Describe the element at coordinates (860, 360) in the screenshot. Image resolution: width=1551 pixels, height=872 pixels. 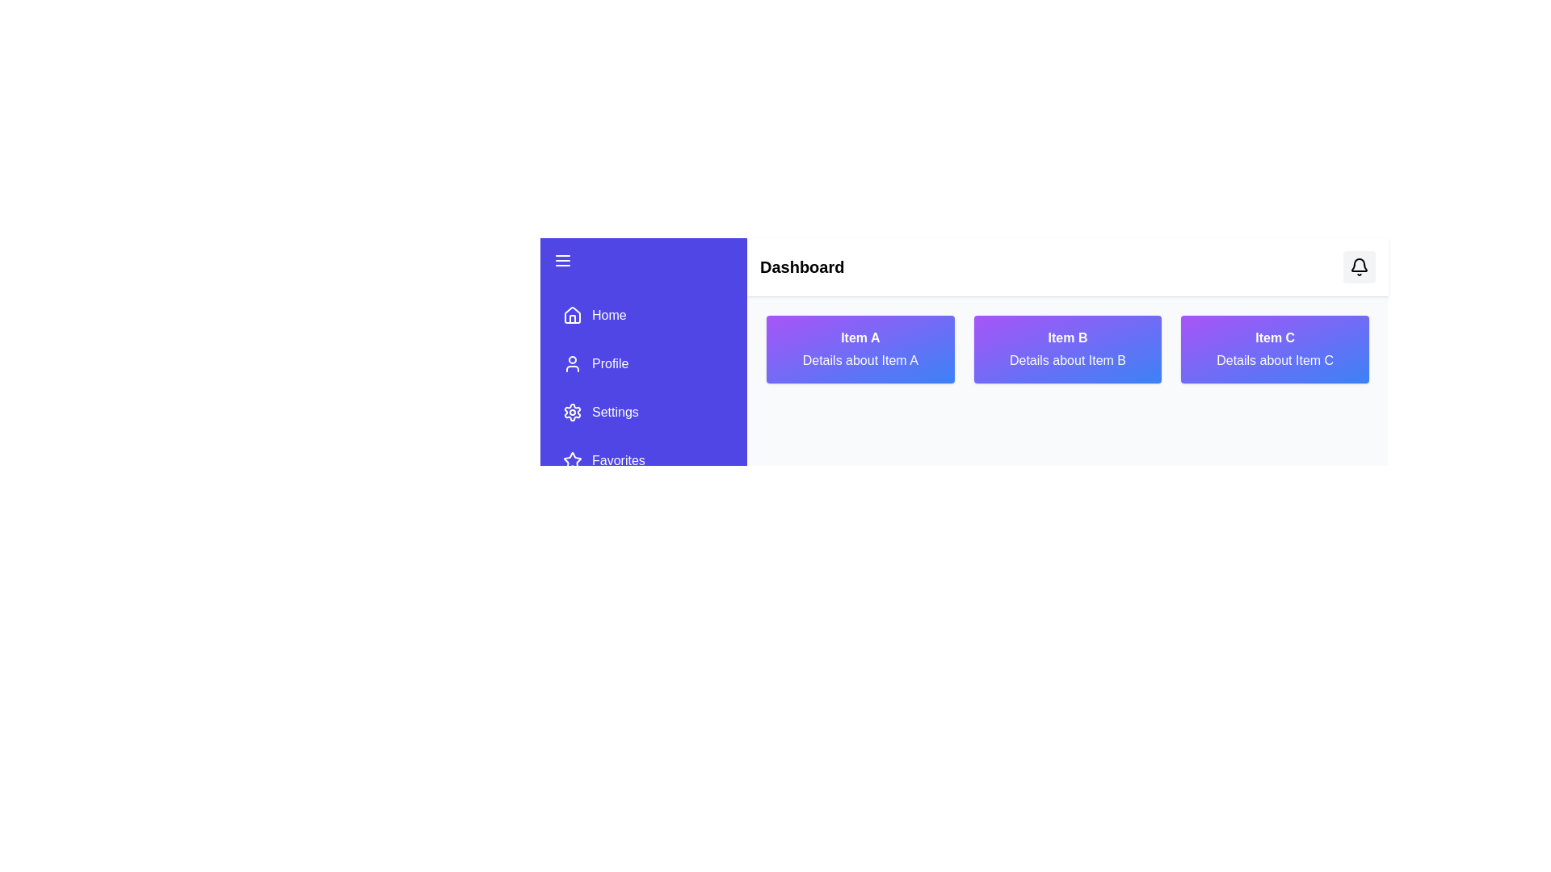
I see `the text label displaying 'Details about Item A' in white font, which is located within the first card of a horizontal row of three cards` at that location.